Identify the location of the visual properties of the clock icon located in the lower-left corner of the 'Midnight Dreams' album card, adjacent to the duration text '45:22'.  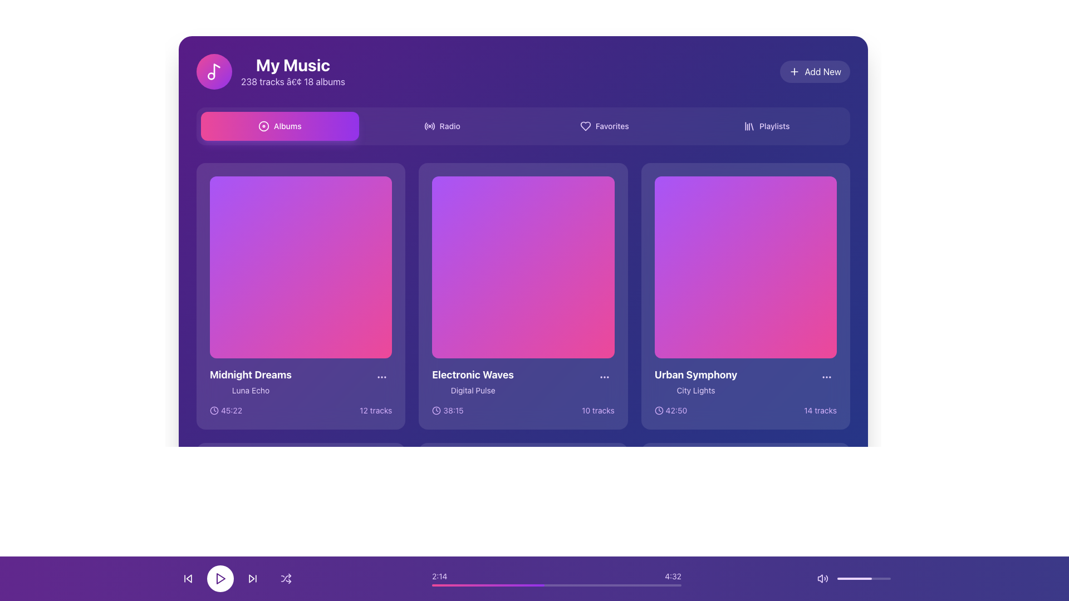
(214, 410).